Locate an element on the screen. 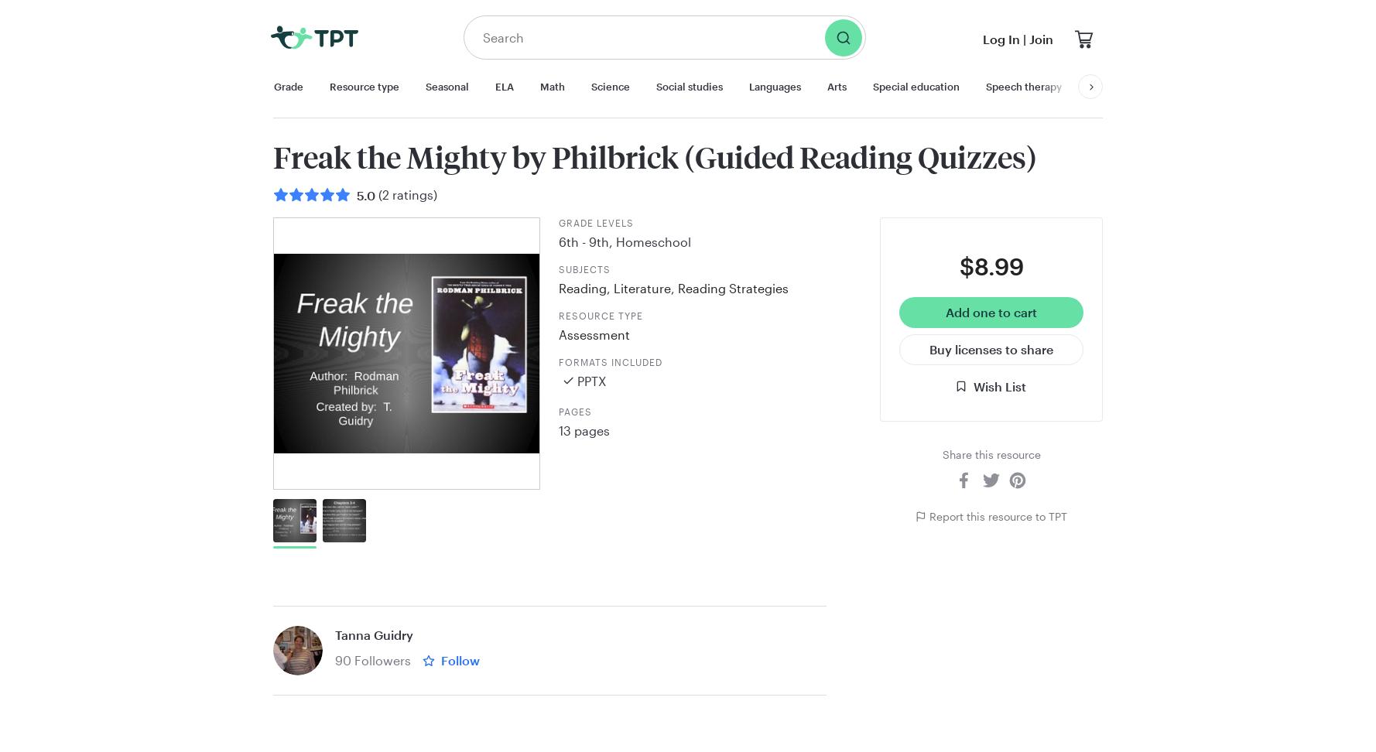  'Report this resource to TPT' is located at coordinates (998, 515).